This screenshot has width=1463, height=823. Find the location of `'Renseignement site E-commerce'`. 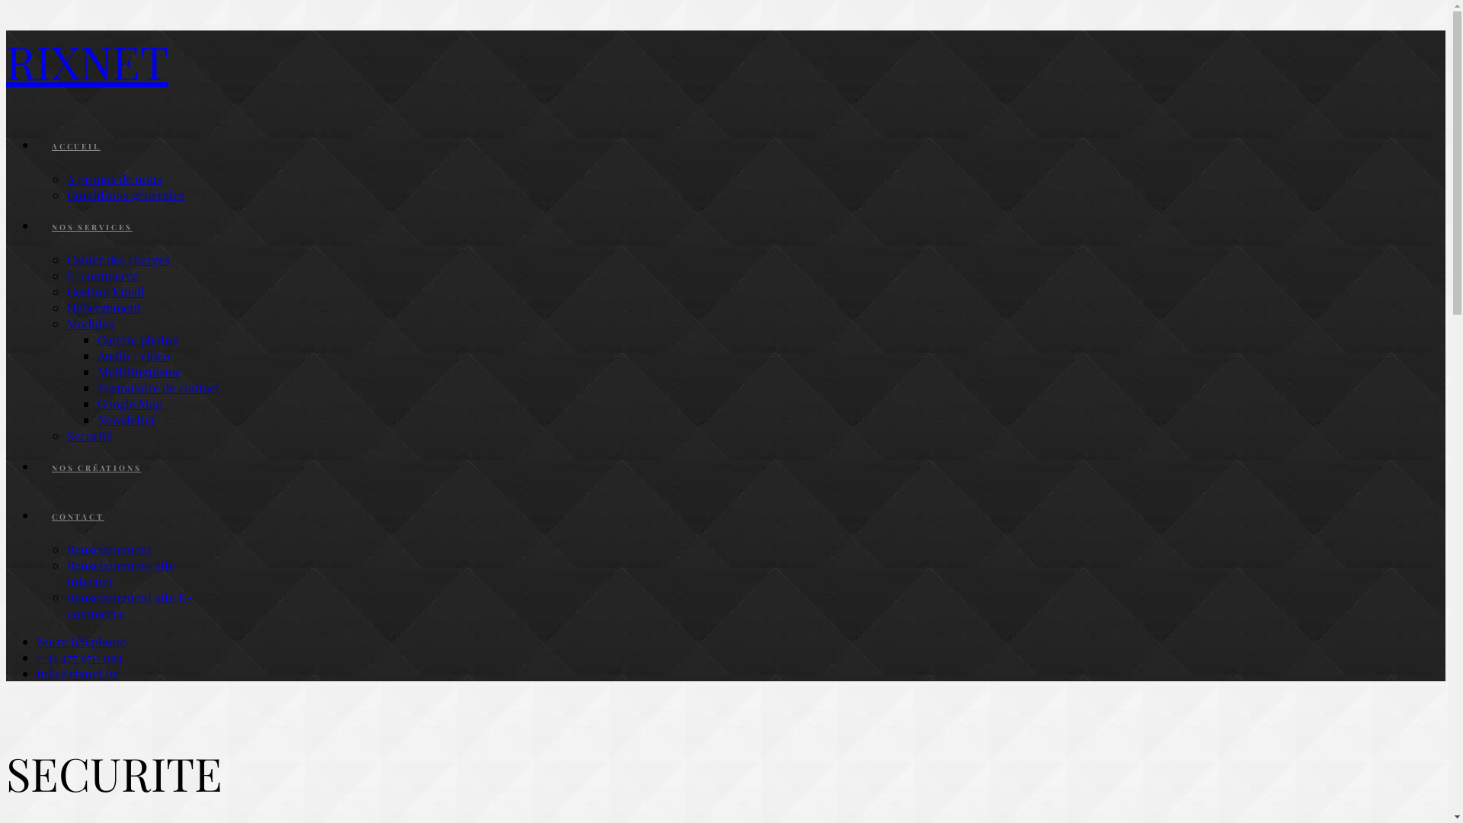

'Renseignement site E-commerce' is located at coordinates (129, 604).